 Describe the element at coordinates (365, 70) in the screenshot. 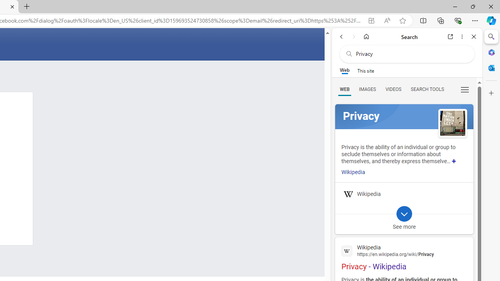

I see `'This site scope'` at that location.